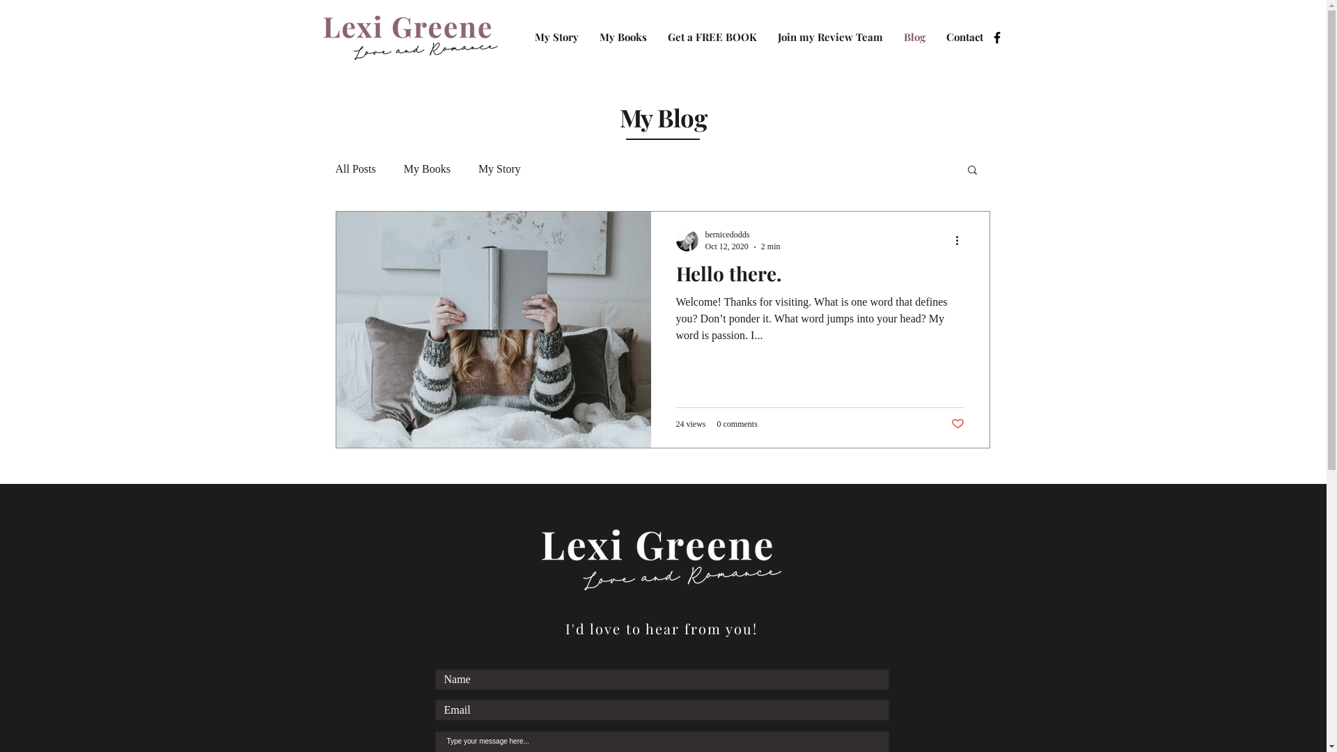 The image size is (1337, 752). Describe the element at coordinates (555, 36) in the screenshot. I see `'My Story'` at that location.